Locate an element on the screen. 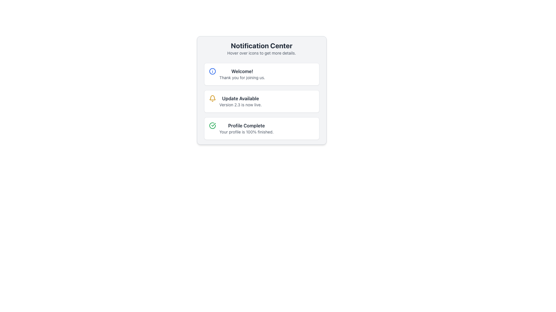  the third informational notification card in the Notification Center is located at coordinates (261, 128).